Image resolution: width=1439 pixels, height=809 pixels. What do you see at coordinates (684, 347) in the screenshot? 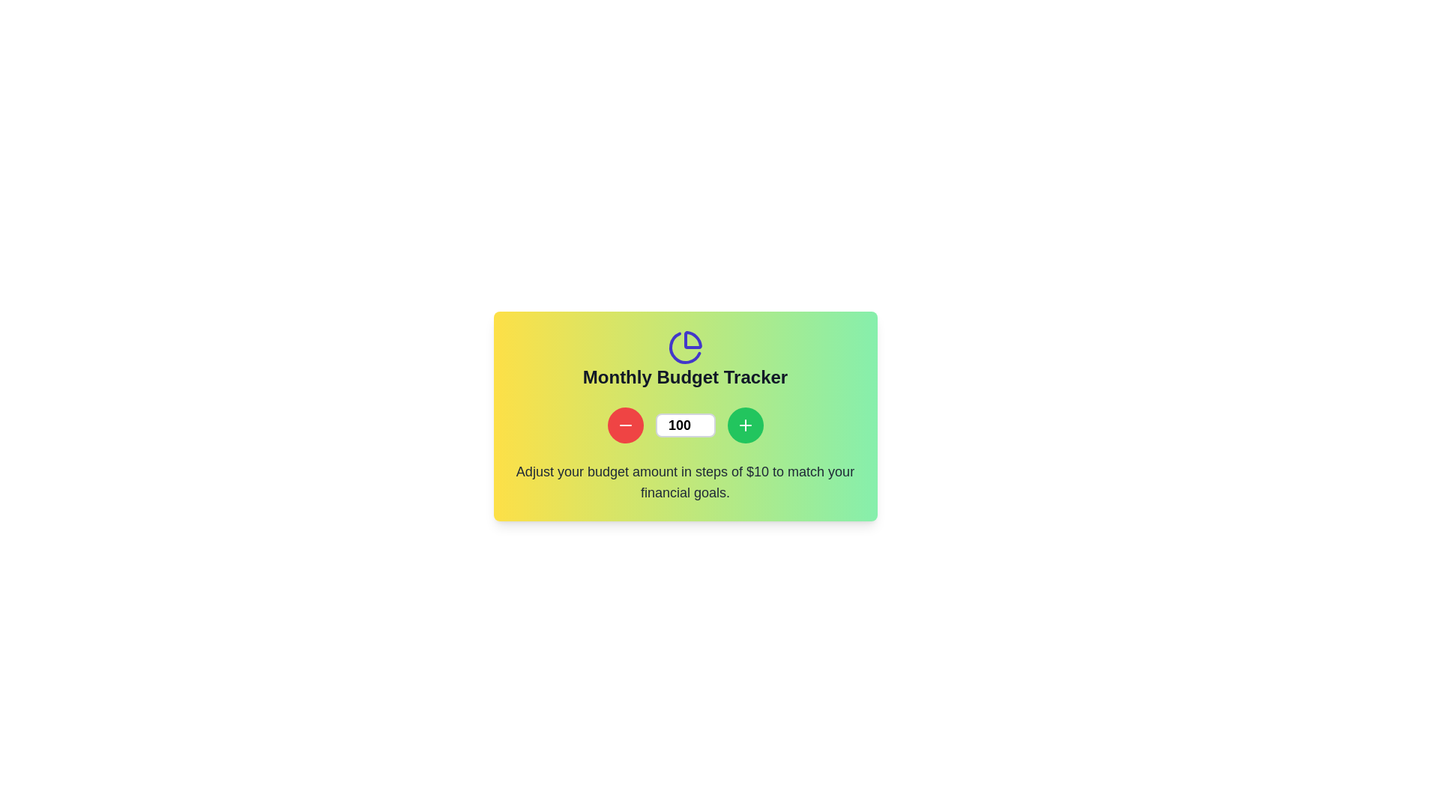
I see `the representation of the budget tracking icon located above the 'Monthly Budget Tracker' text` at bounding box center [684, 347].